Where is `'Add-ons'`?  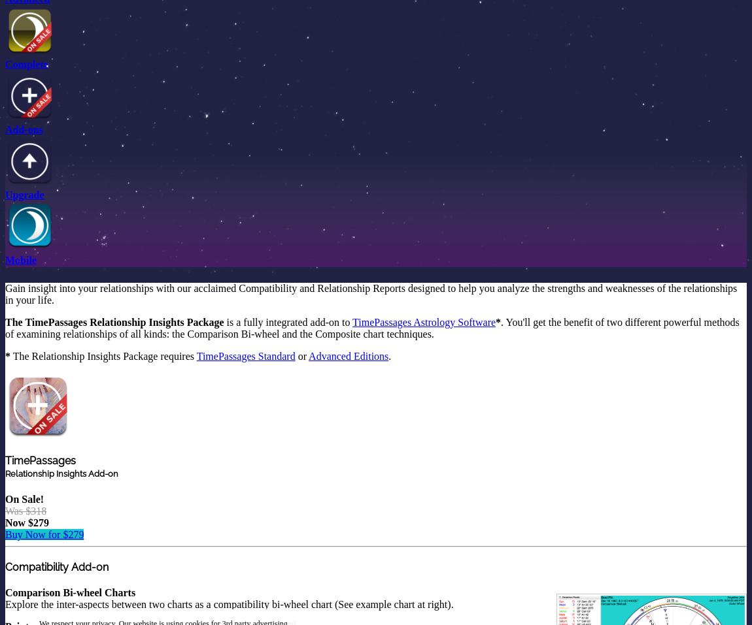
'Add-ons' is located at coordinates (5, 129).